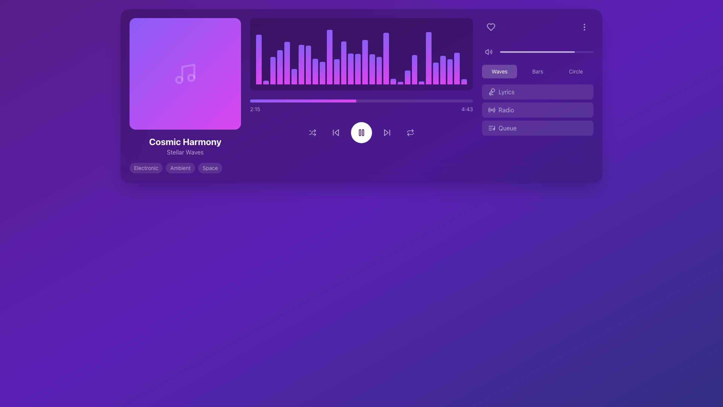  I want to click on the progress bar, so click(348, 100).